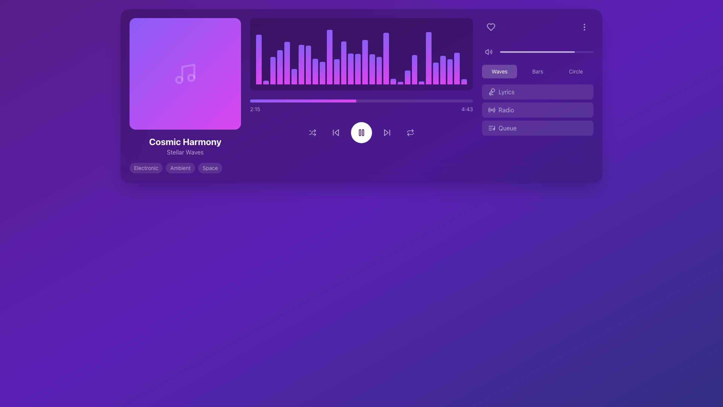  I want to click on the progress bar, so click(348, 100).